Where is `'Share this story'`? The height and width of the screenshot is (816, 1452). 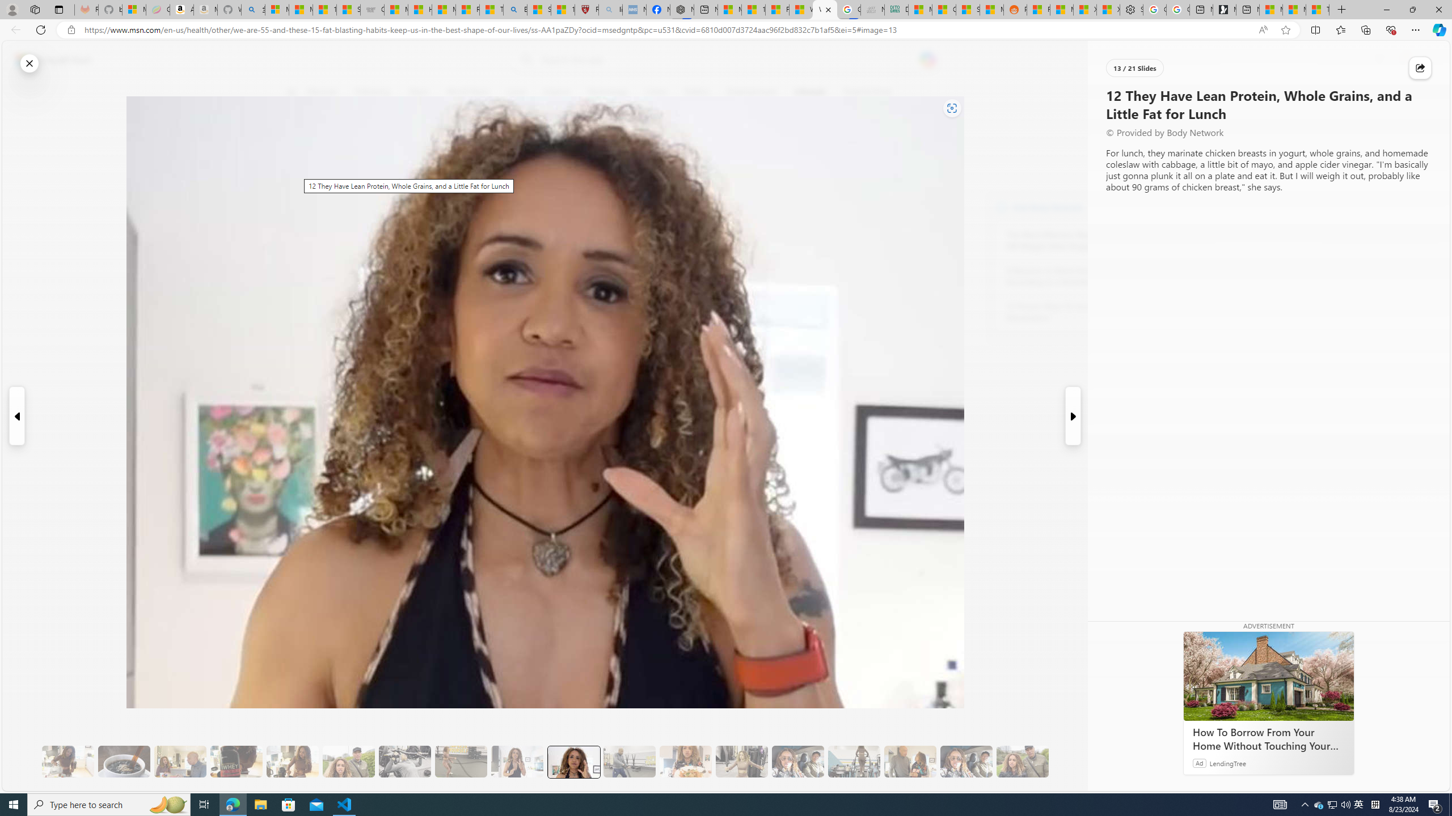
'Share this story' is located at coordinates (1419, 67).